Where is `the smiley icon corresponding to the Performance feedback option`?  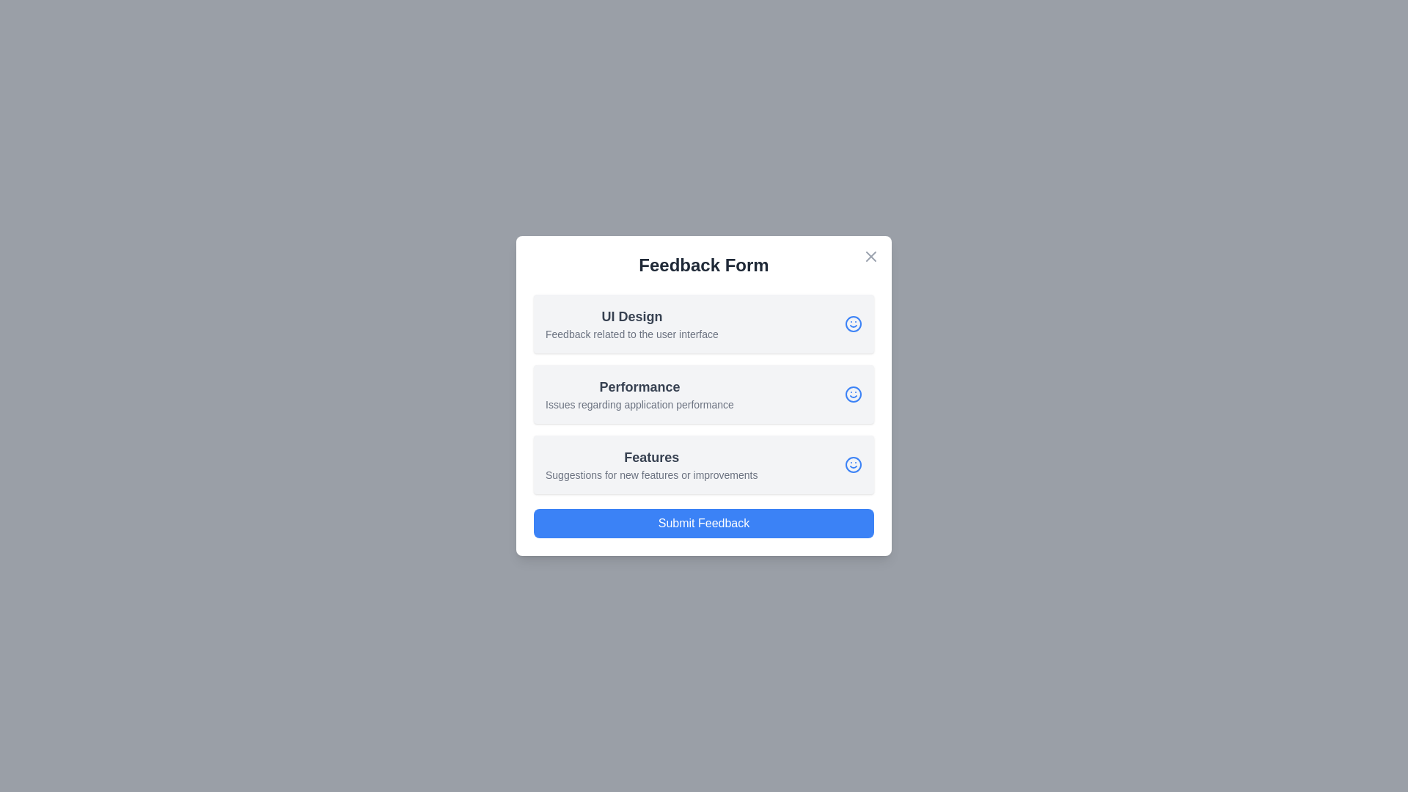
the smiley icon corresponding to the Performance feedback option is located at coordinates (853, 393).